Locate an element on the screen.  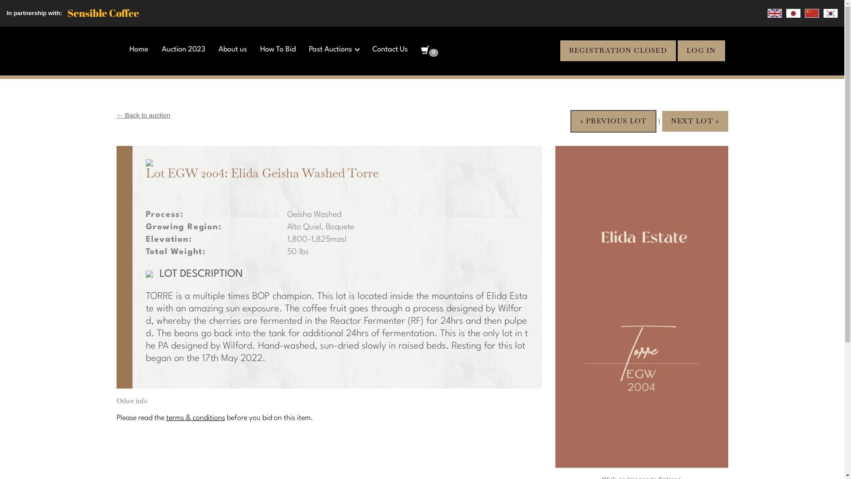
'LOG IN' is located at coordinates (701, 51).